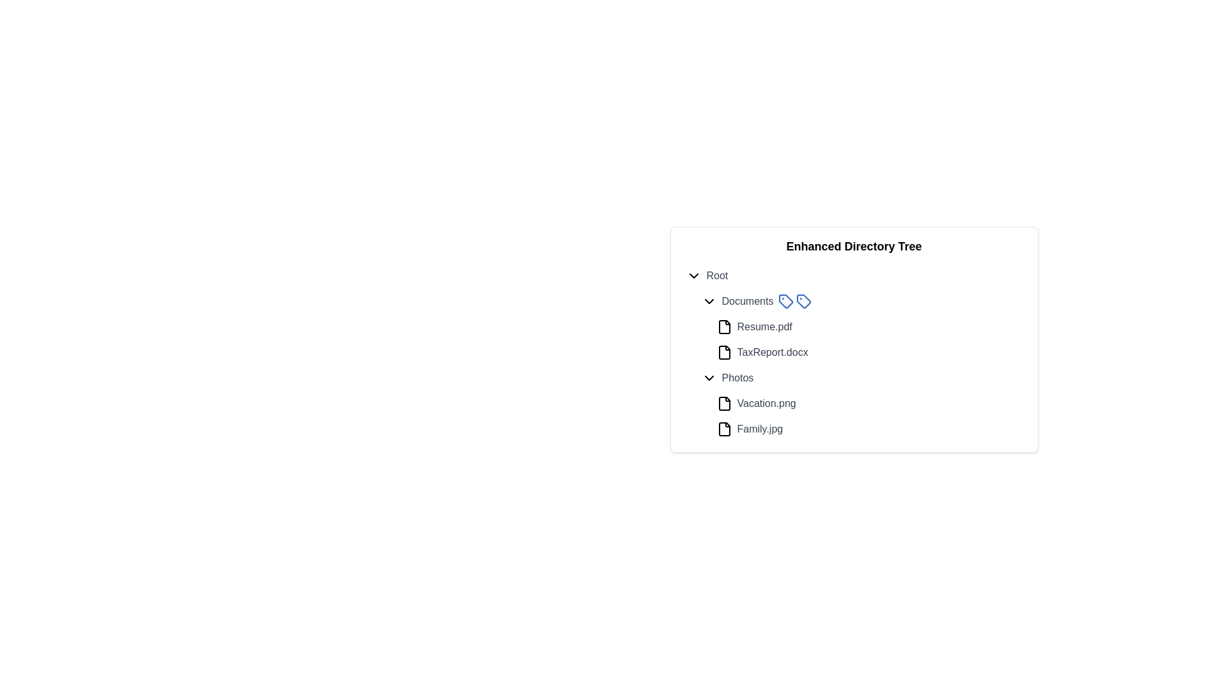  Describe the element at coordinates (693, 275) in the screenshot. I see `the Dropdown indicator icon located at the leftmost side of the 'Root' section` at that location.